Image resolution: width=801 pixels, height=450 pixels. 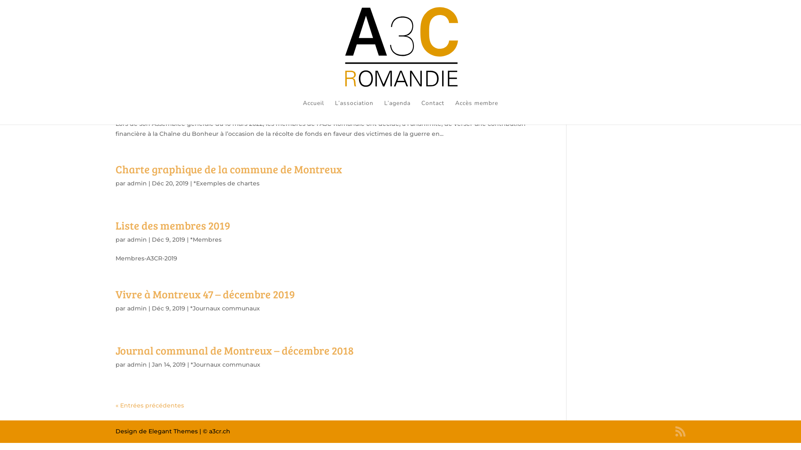 I want to click on 'Charte graphique de la commune de Montreux', so click(x=115, y=169).